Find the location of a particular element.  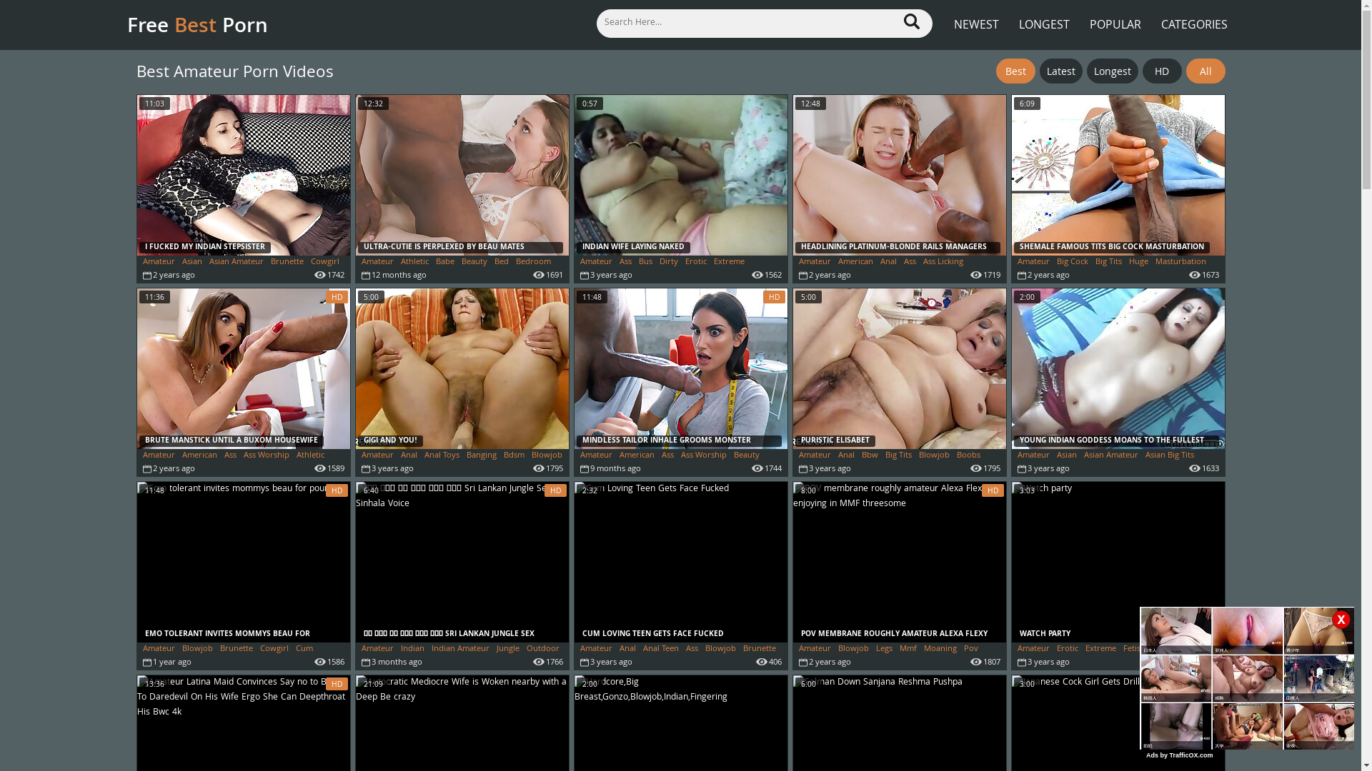

'Ass Licking' is located at coordinates (943, 262).